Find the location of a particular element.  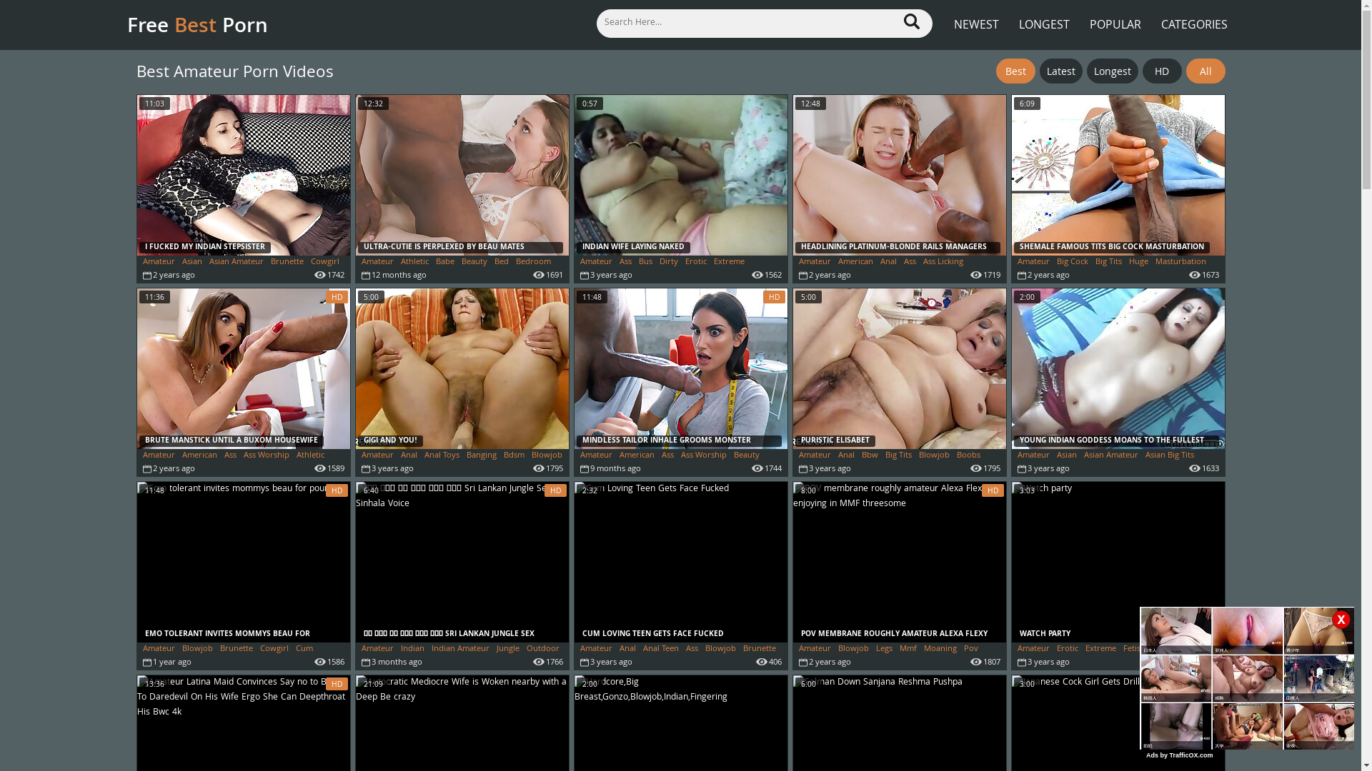

'Ass Licking' is located at coordinates (943, 262).